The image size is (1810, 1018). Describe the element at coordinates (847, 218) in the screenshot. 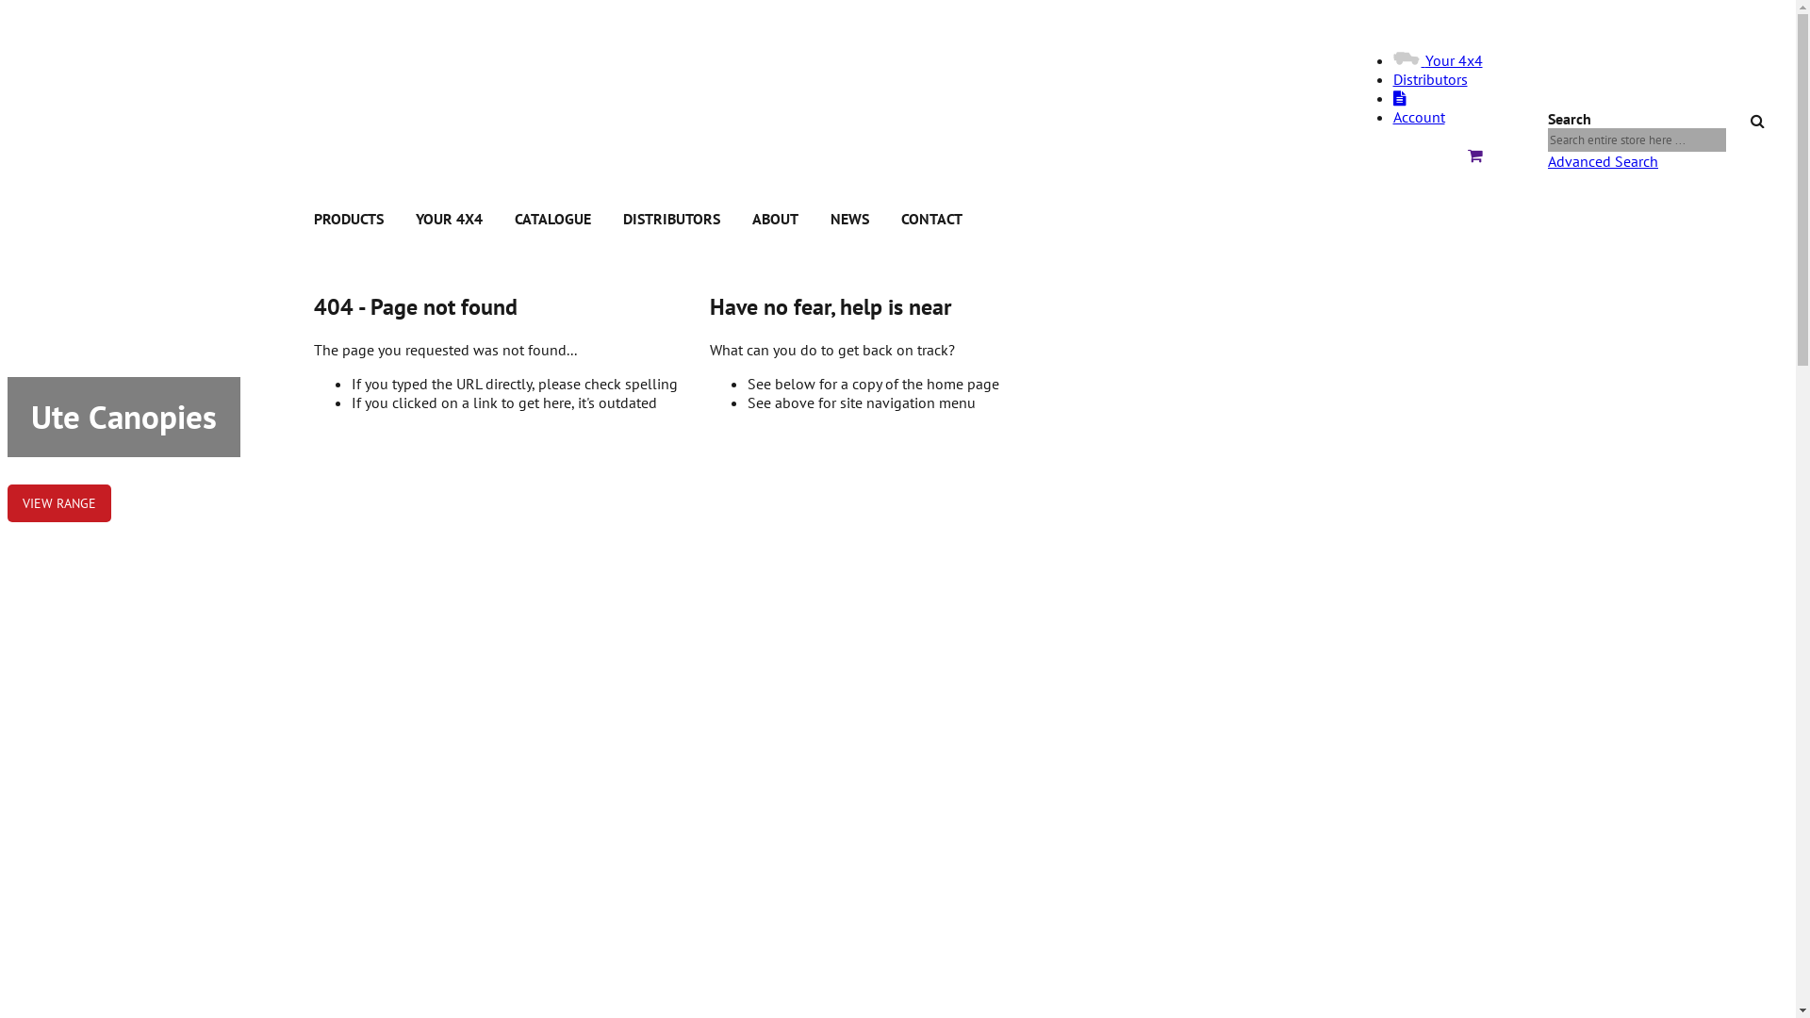

I see `'NEWS'` at that location.